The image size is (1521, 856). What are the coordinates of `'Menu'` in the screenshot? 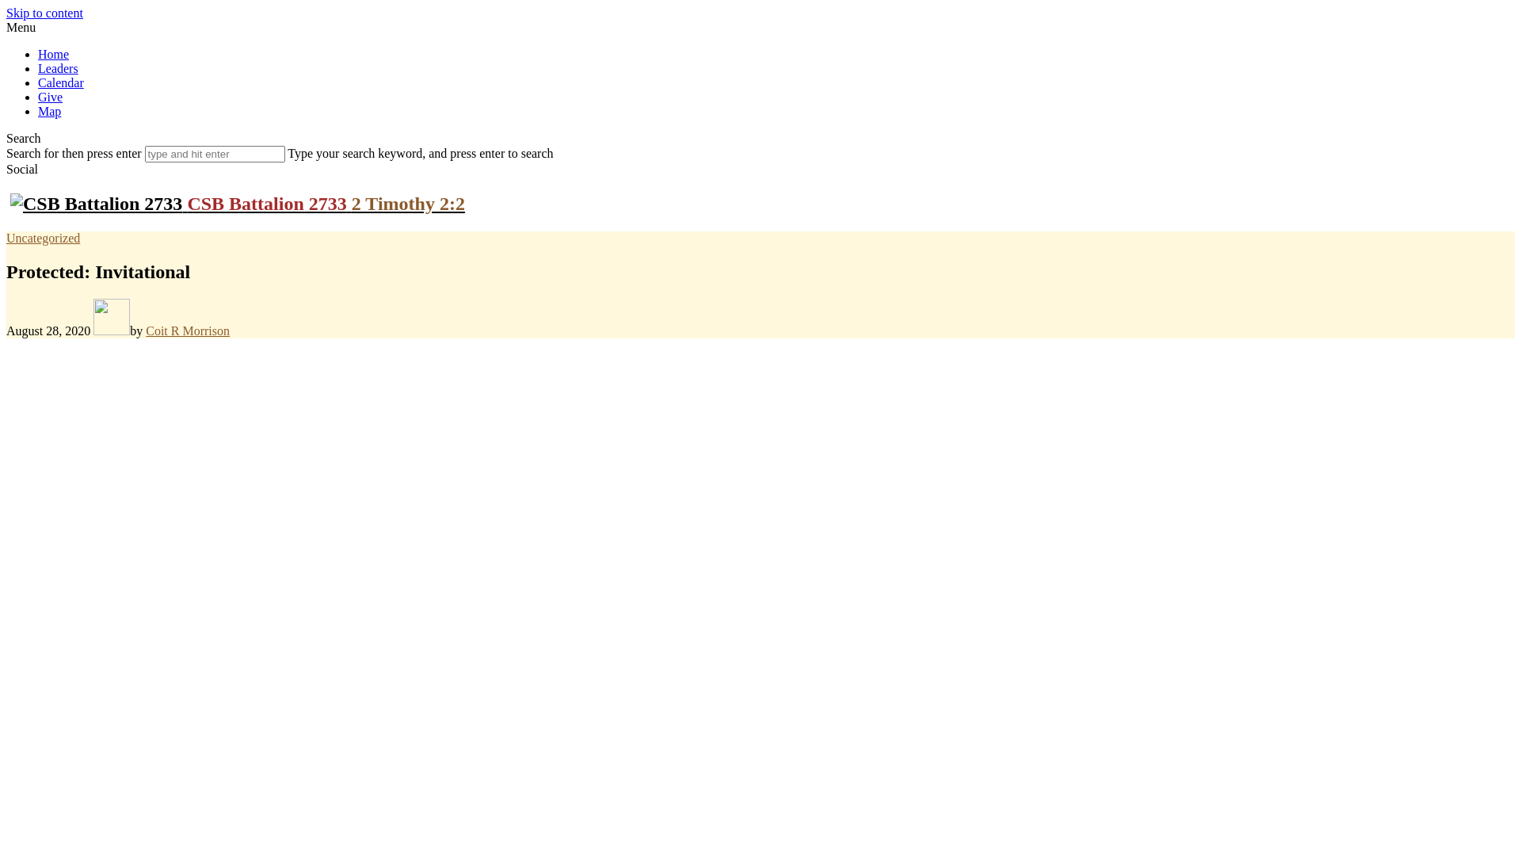 It's located at (21, 27).